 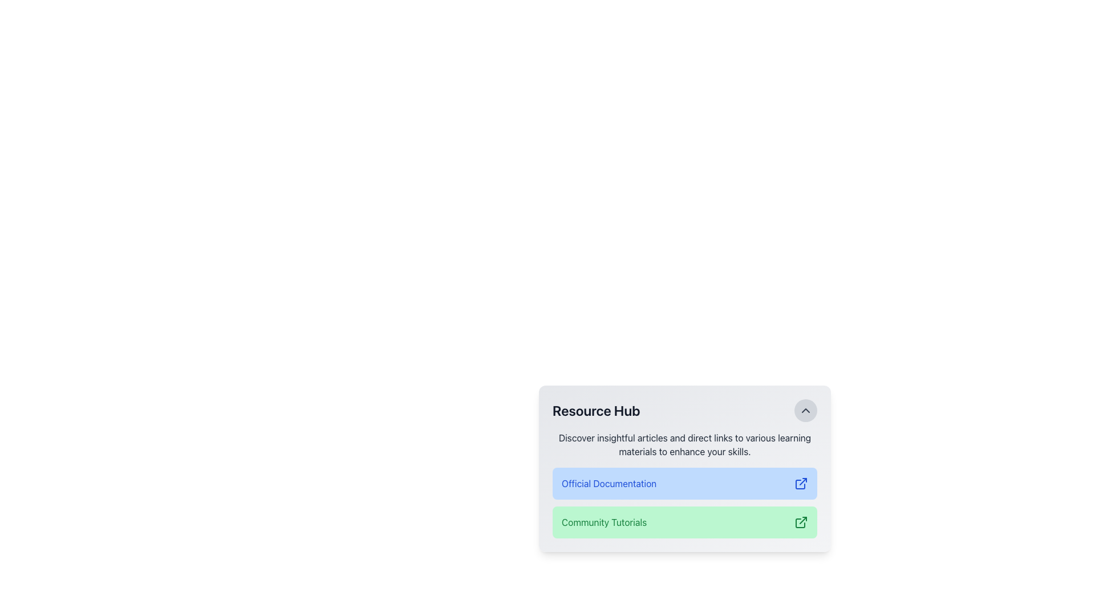 What do you see at coordinates (800, 523) in the screenshot?
I see `the bottom component of the grouped icon set located at the bottom-right of the green-highlighted 'Community Tutorials' button` at bounding box center [800, 523].